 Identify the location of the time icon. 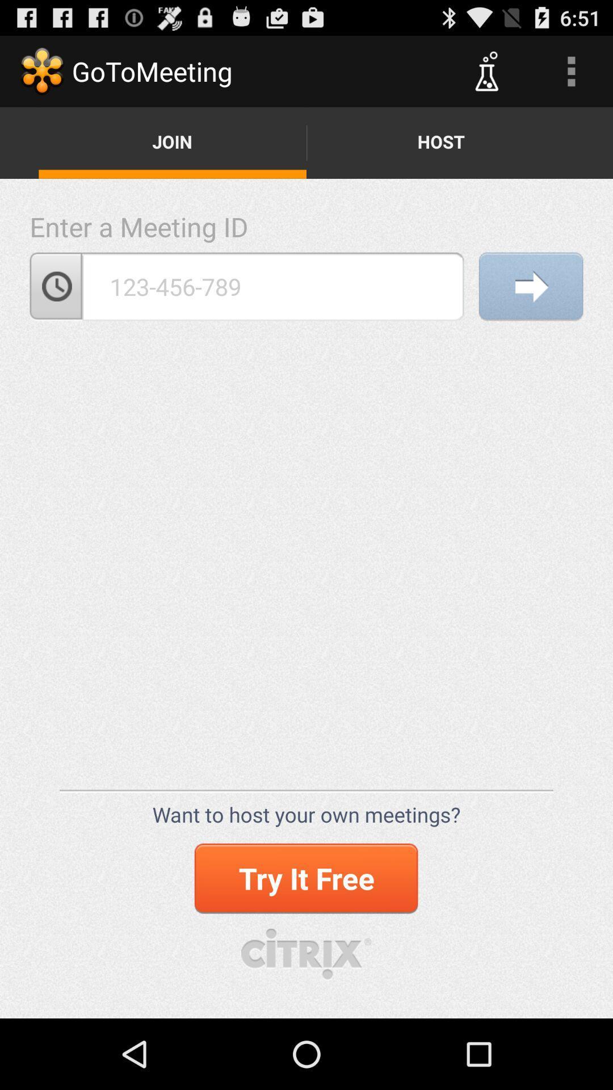
(56, 307).